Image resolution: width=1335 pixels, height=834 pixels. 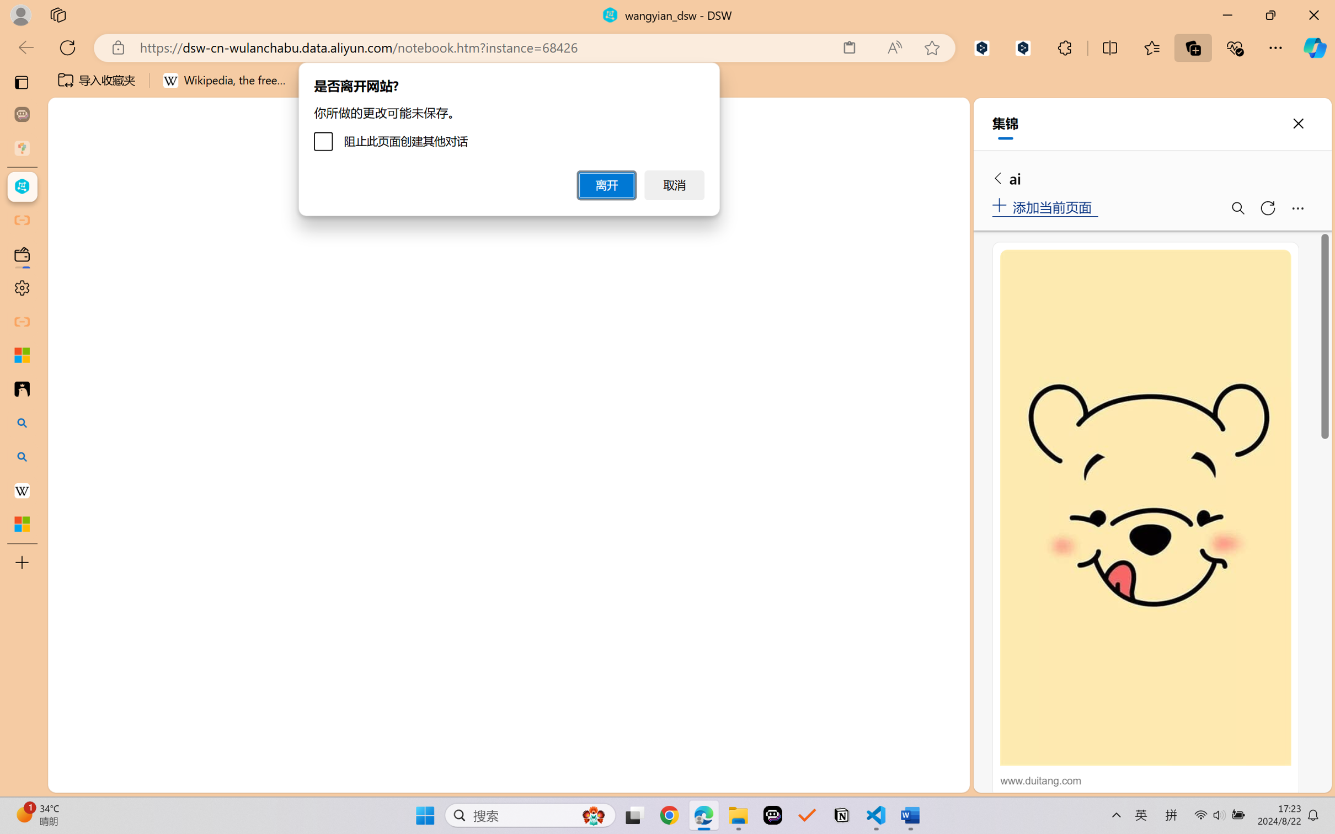 I want to click on 'Application Menu', so click(x=70, y=186).